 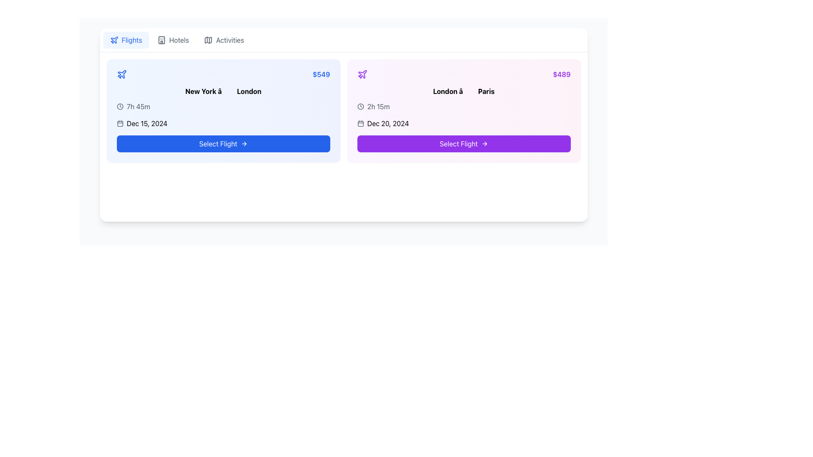 What do you see at coordinates (378, 106) in the screenshot?
I see `the Text label displaying '2h 15m', which is located in the upper-left segment of the flight card, adjacent to a clock icon` at bounding box center [378, 106].